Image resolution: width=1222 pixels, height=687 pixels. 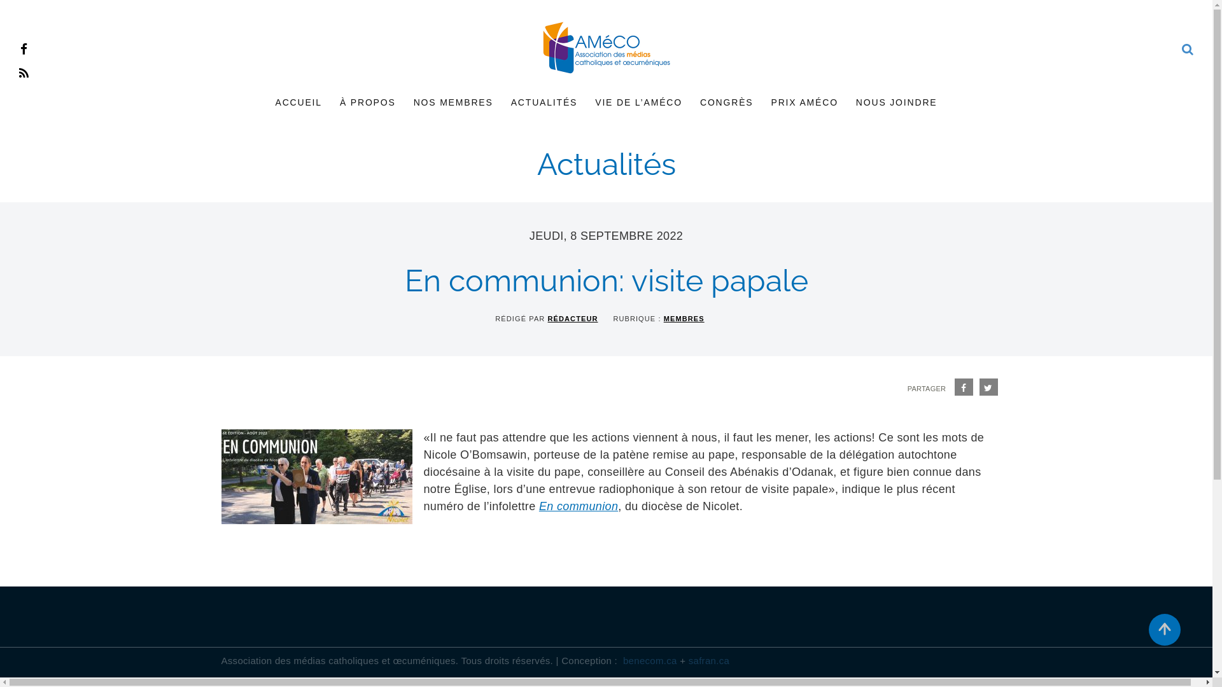 I want to click on 'NOUS JOINDRE', so click(x=846, y=102).